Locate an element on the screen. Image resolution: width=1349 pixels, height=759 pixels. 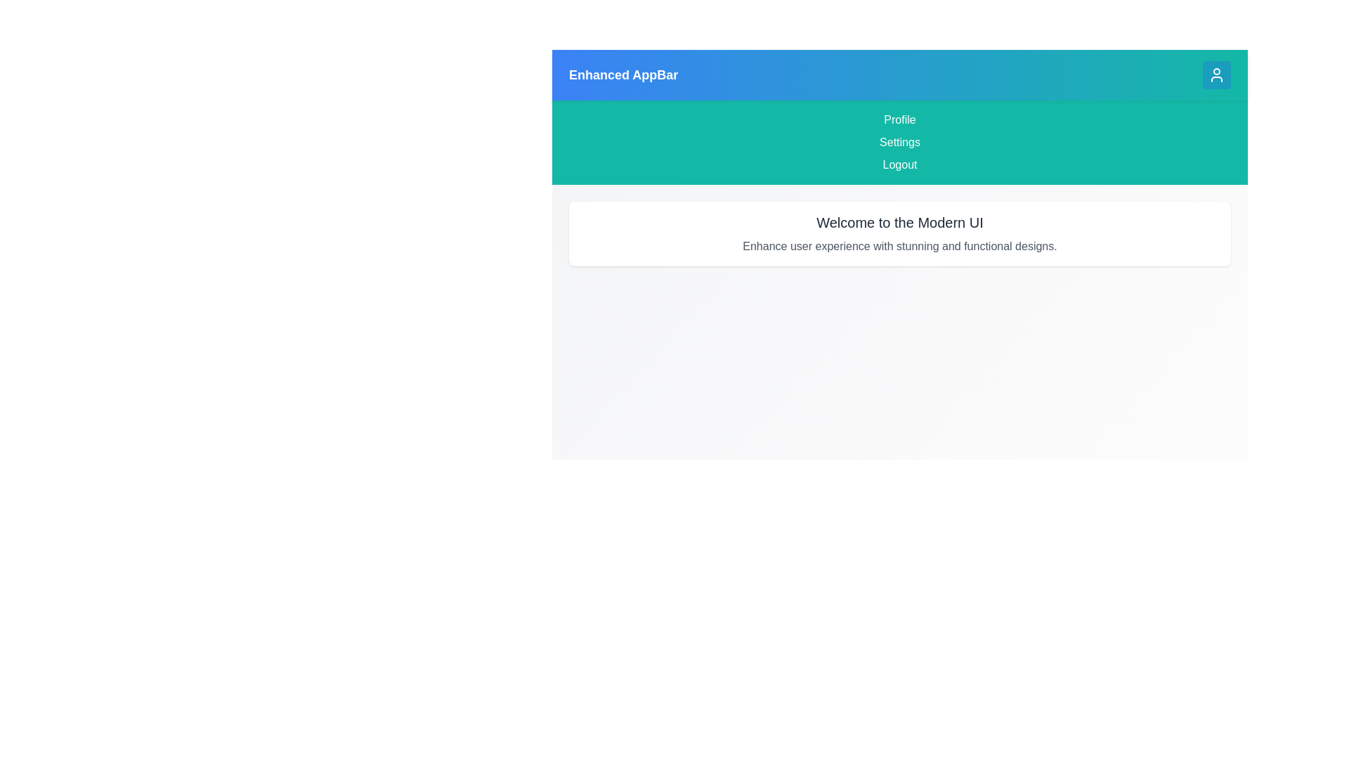
the menu item Logout from the menu is located at coordinates (900, 164).